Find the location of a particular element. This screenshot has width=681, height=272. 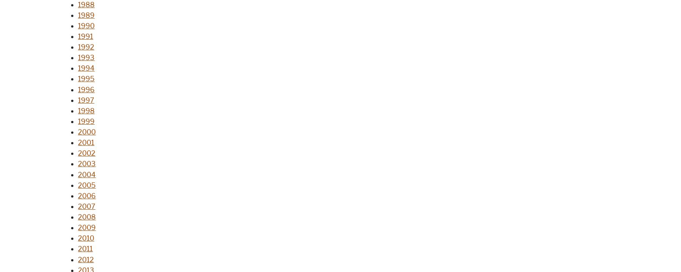

'1994' is located at coordinates (86, 68).